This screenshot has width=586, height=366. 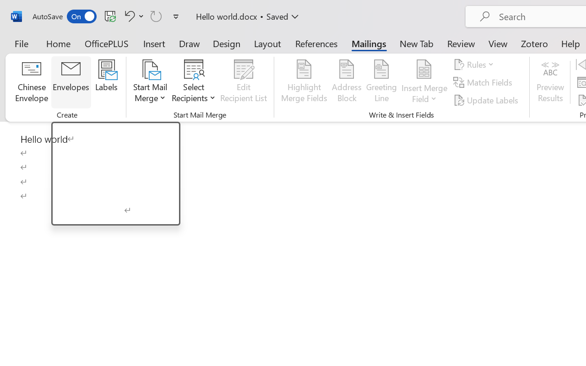 I want to click on 'Zotero', so click(x=534, y=43).